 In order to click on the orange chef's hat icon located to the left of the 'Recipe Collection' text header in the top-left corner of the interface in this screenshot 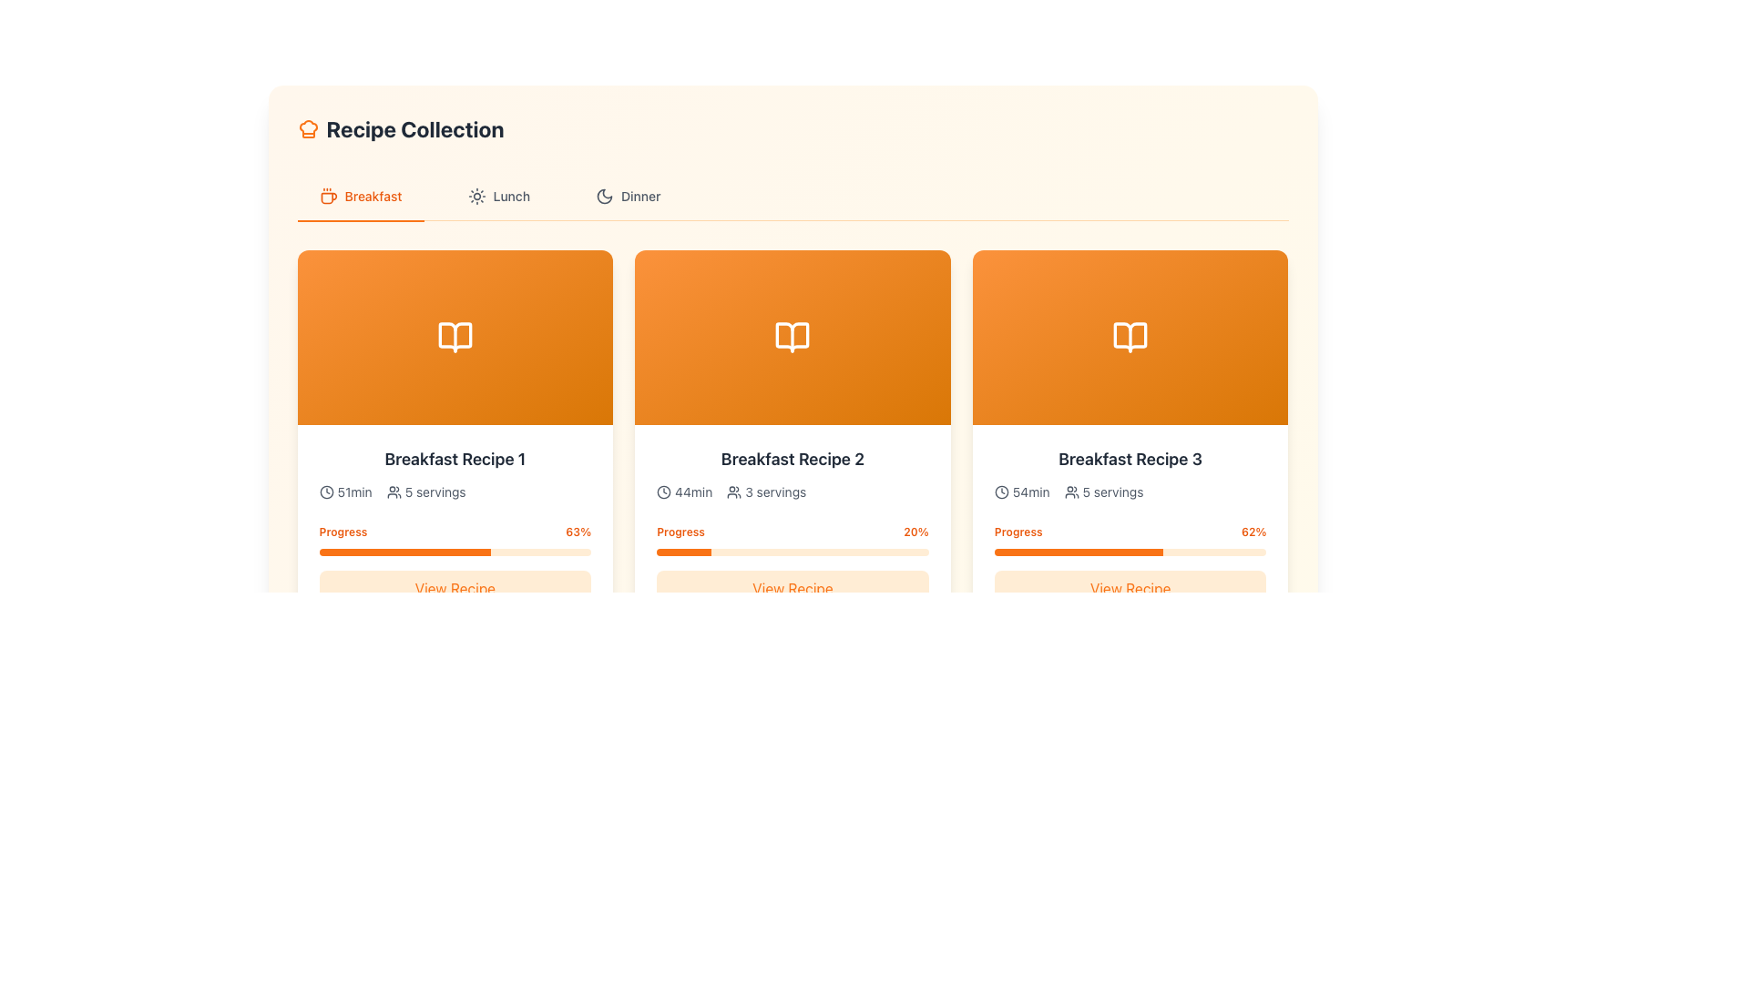, I will do `click(307, 127)`.